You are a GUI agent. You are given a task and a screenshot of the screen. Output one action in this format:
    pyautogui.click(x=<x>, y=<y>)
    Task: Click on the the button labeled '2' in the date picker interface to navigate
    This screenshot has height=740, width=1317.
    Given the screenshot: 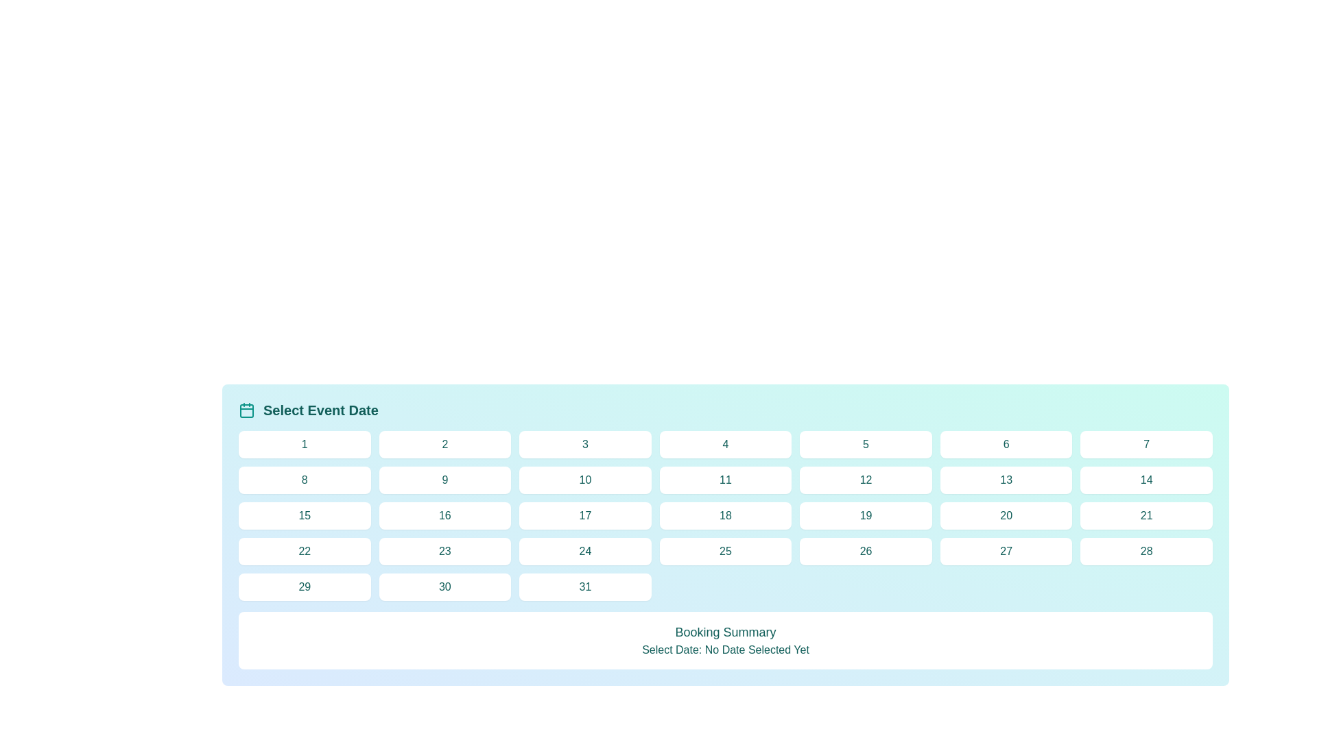 What is the action you would take?
    pyautogui.click(x=444, y=444)
    